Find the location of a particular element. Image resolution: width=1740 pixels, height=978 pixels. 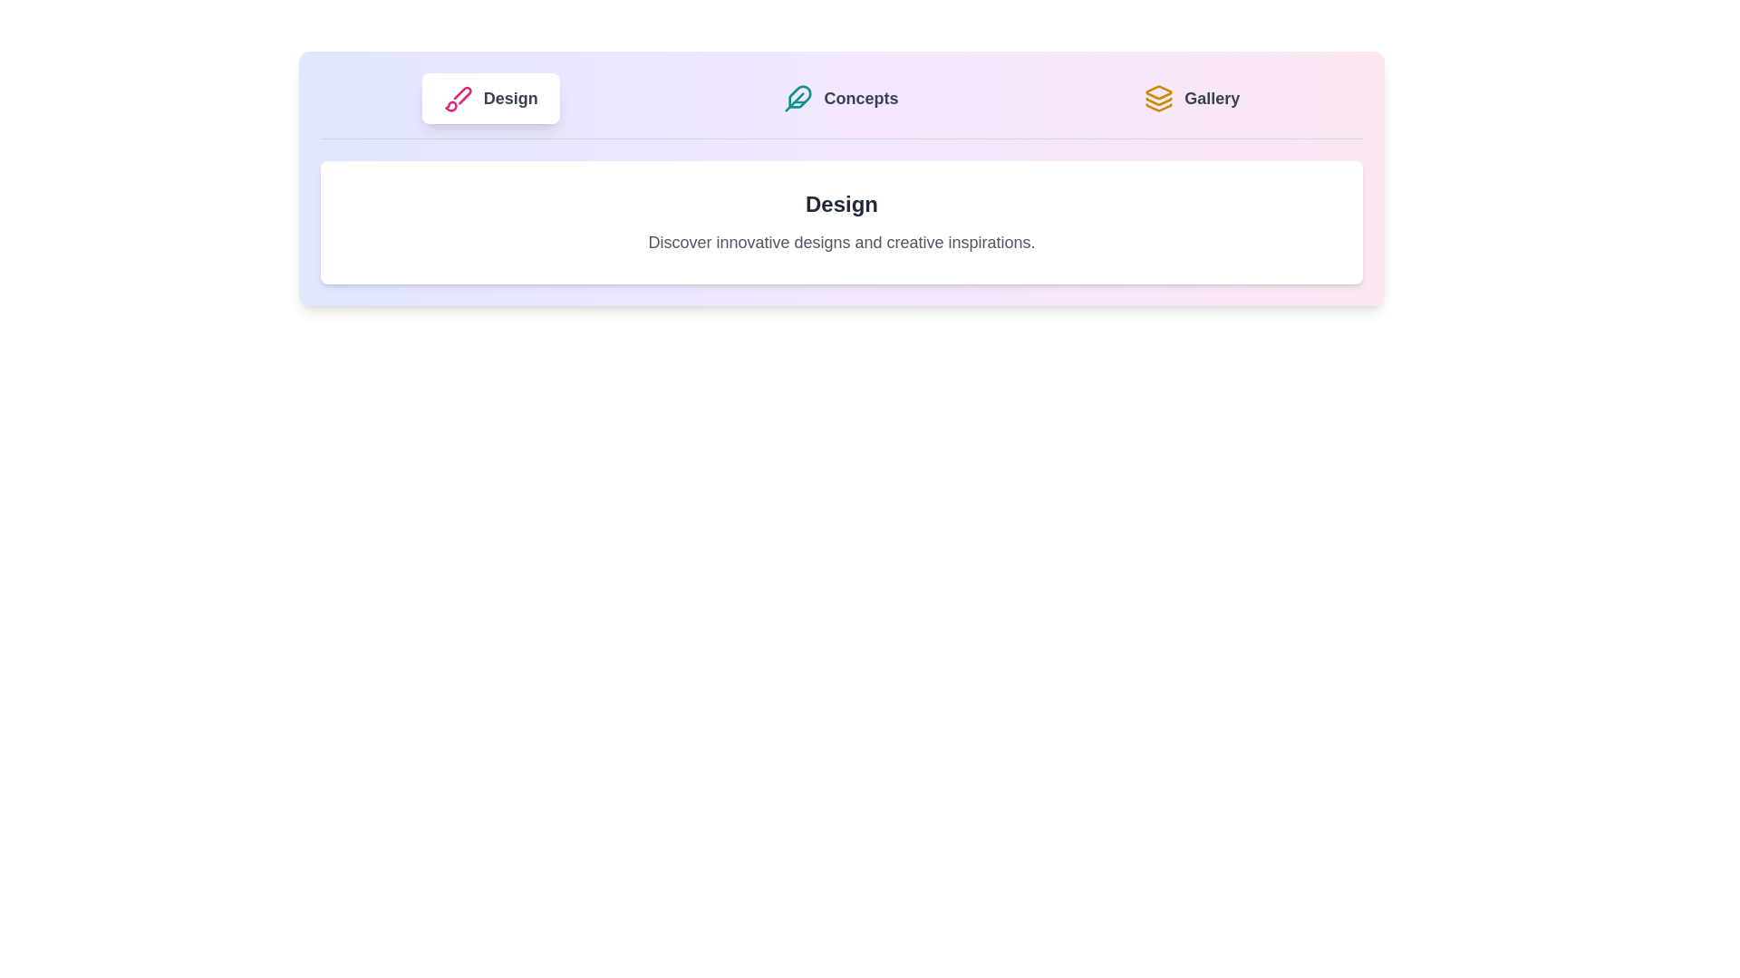

the tab labeled 'Design' to observe the hover effect is located at coordinates (490, 98).